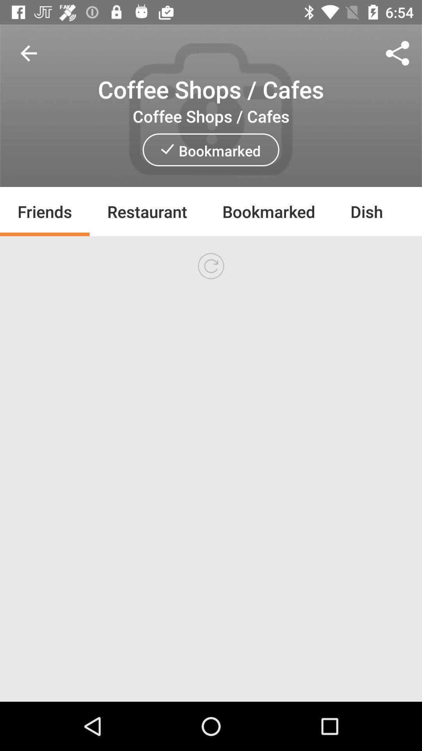 This screenshot has height=751, width=422. What do you see at coordinates (211, 266) in the screenshot?
I see `refresh page` at bounding box center [211, 266].